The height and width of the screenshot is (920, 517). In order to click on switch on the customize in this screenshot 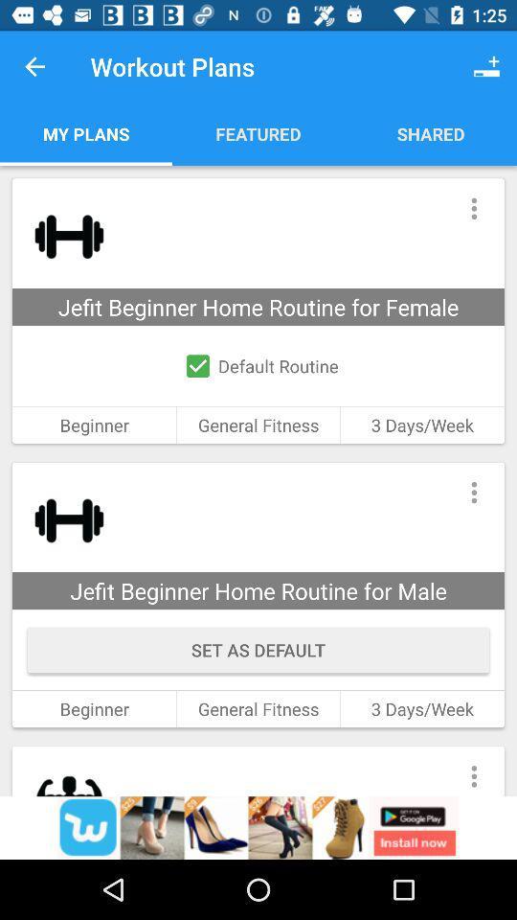, I will do `click(473, 492)`.